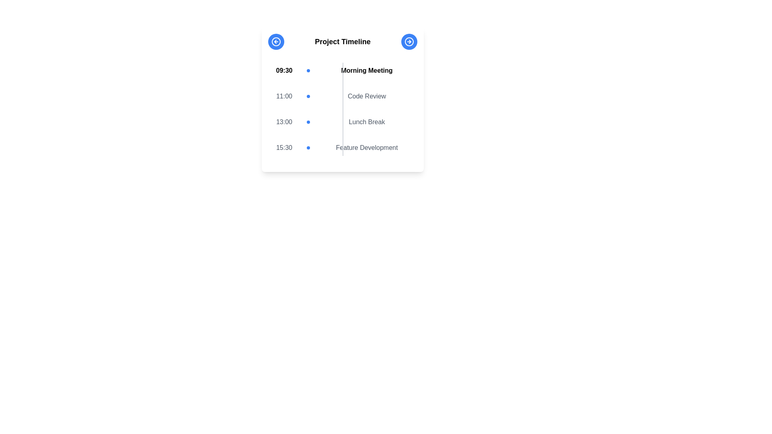 The image size is (772, 434). Describe the element at coordinates (276, 42) in the screenshot. I see `the navigation button located in the top-left region of the 'Project Timeline' card` at that location.